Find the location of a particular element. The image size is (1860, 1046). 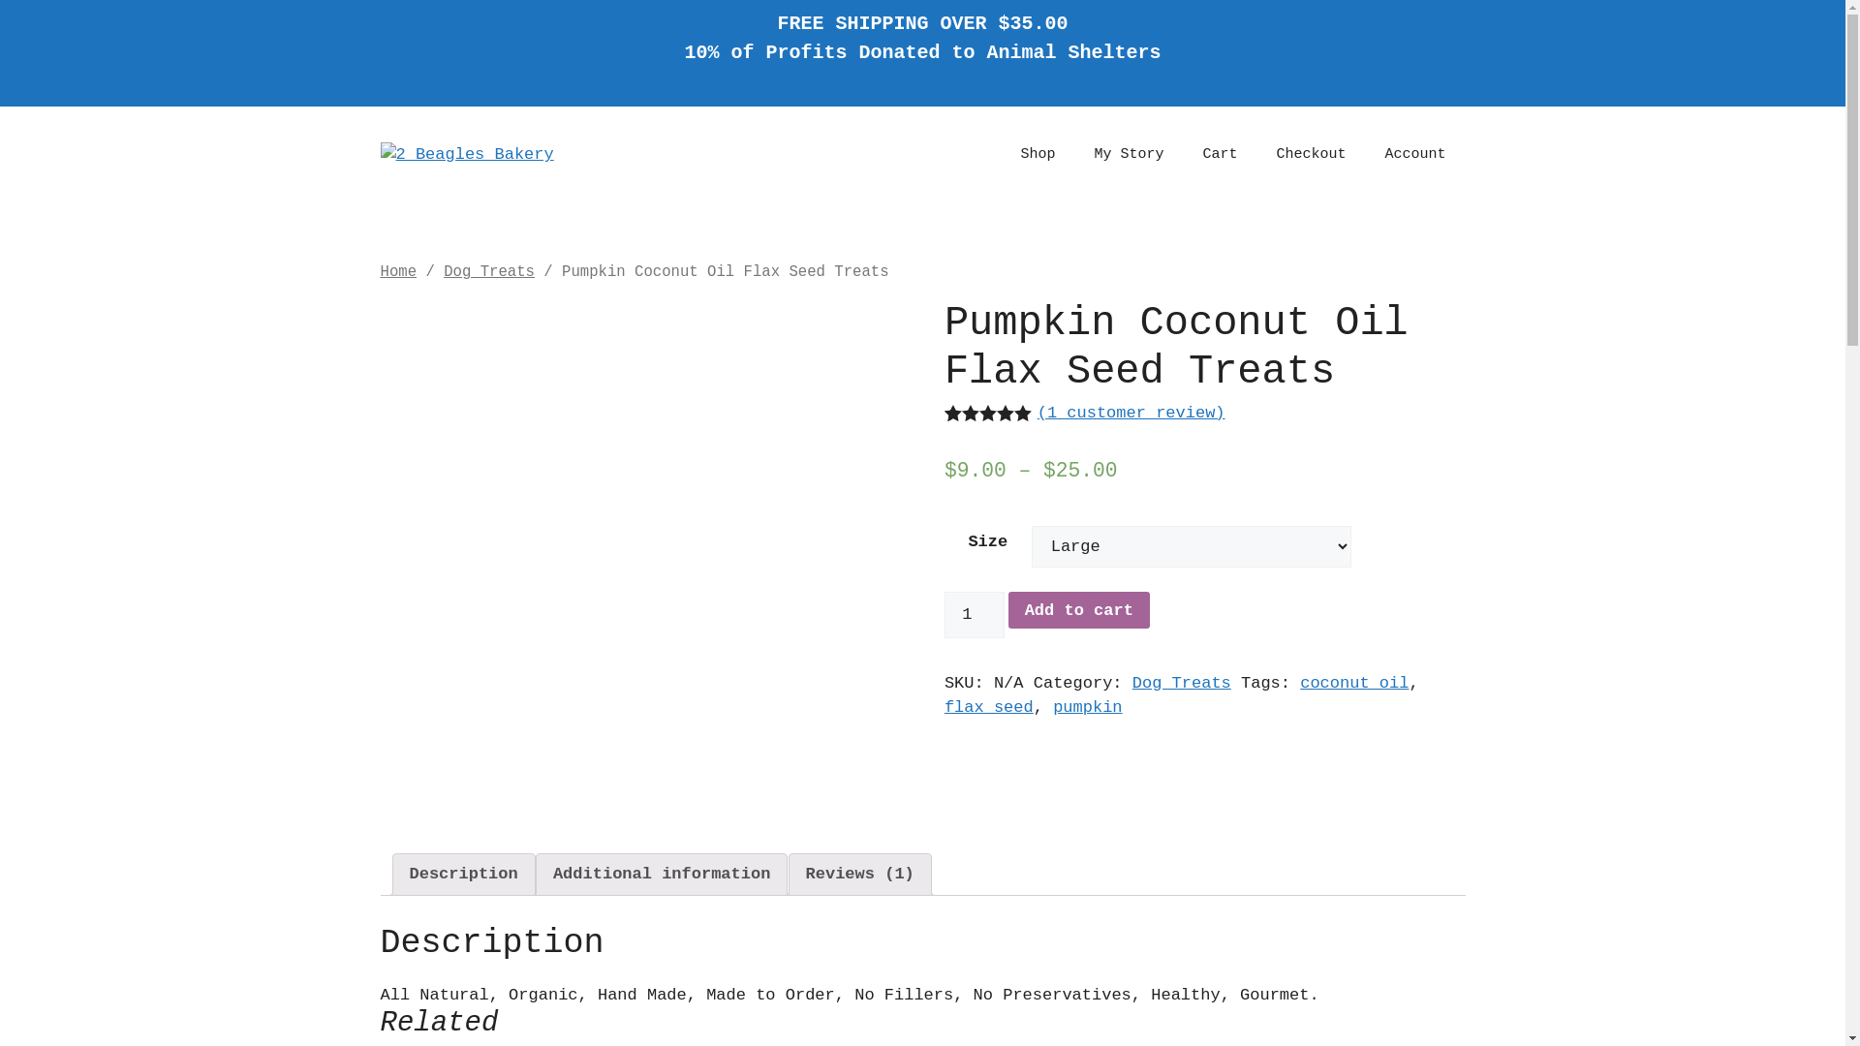

'pumpkin' is located at coordinates (1087, 707).